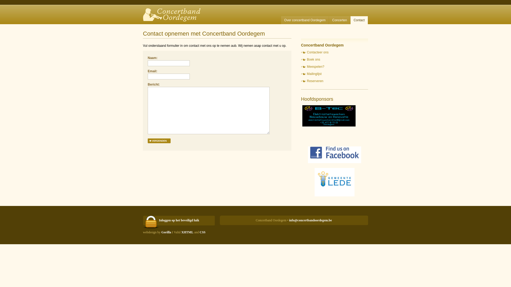 Image resolution: width=511 pixels, height=287 pixels. I want to click on 'Contacteer ons', so click(315, 52).